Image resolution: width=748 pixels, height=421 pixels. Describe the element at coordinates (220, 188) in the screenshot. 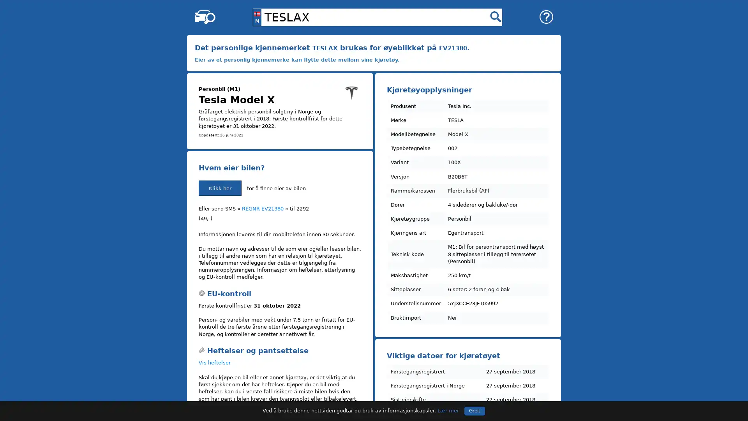

I see `Klikk her` at that location.